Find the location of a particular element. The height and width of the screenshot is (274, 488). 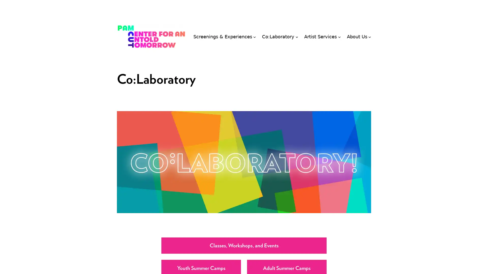

Screenings & Experiences submenu is located at coordinates (254, 36).